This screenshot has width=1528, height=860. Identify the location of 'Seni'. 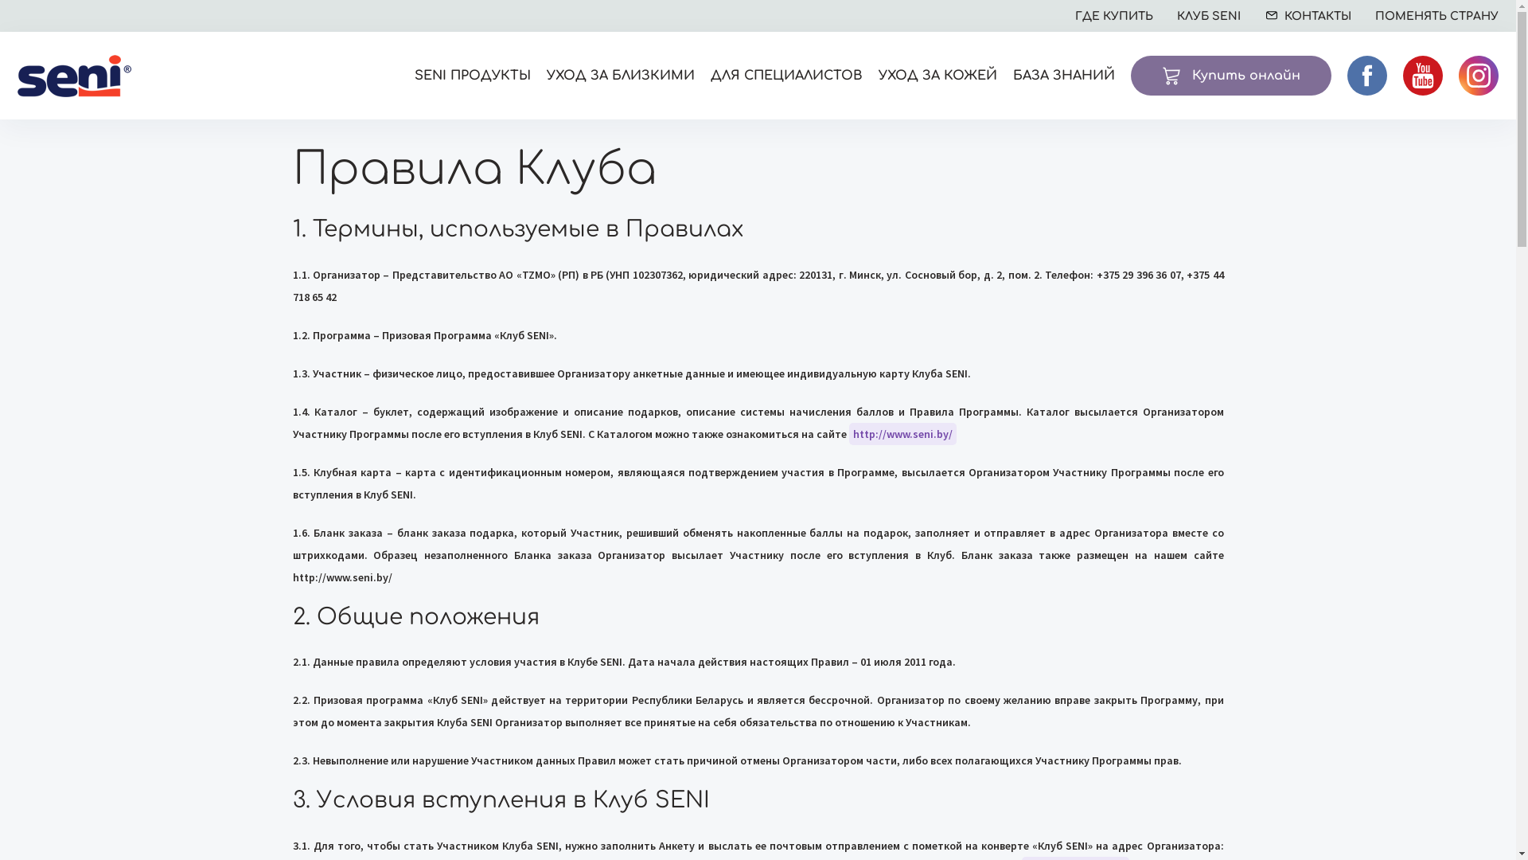
(73, 75).